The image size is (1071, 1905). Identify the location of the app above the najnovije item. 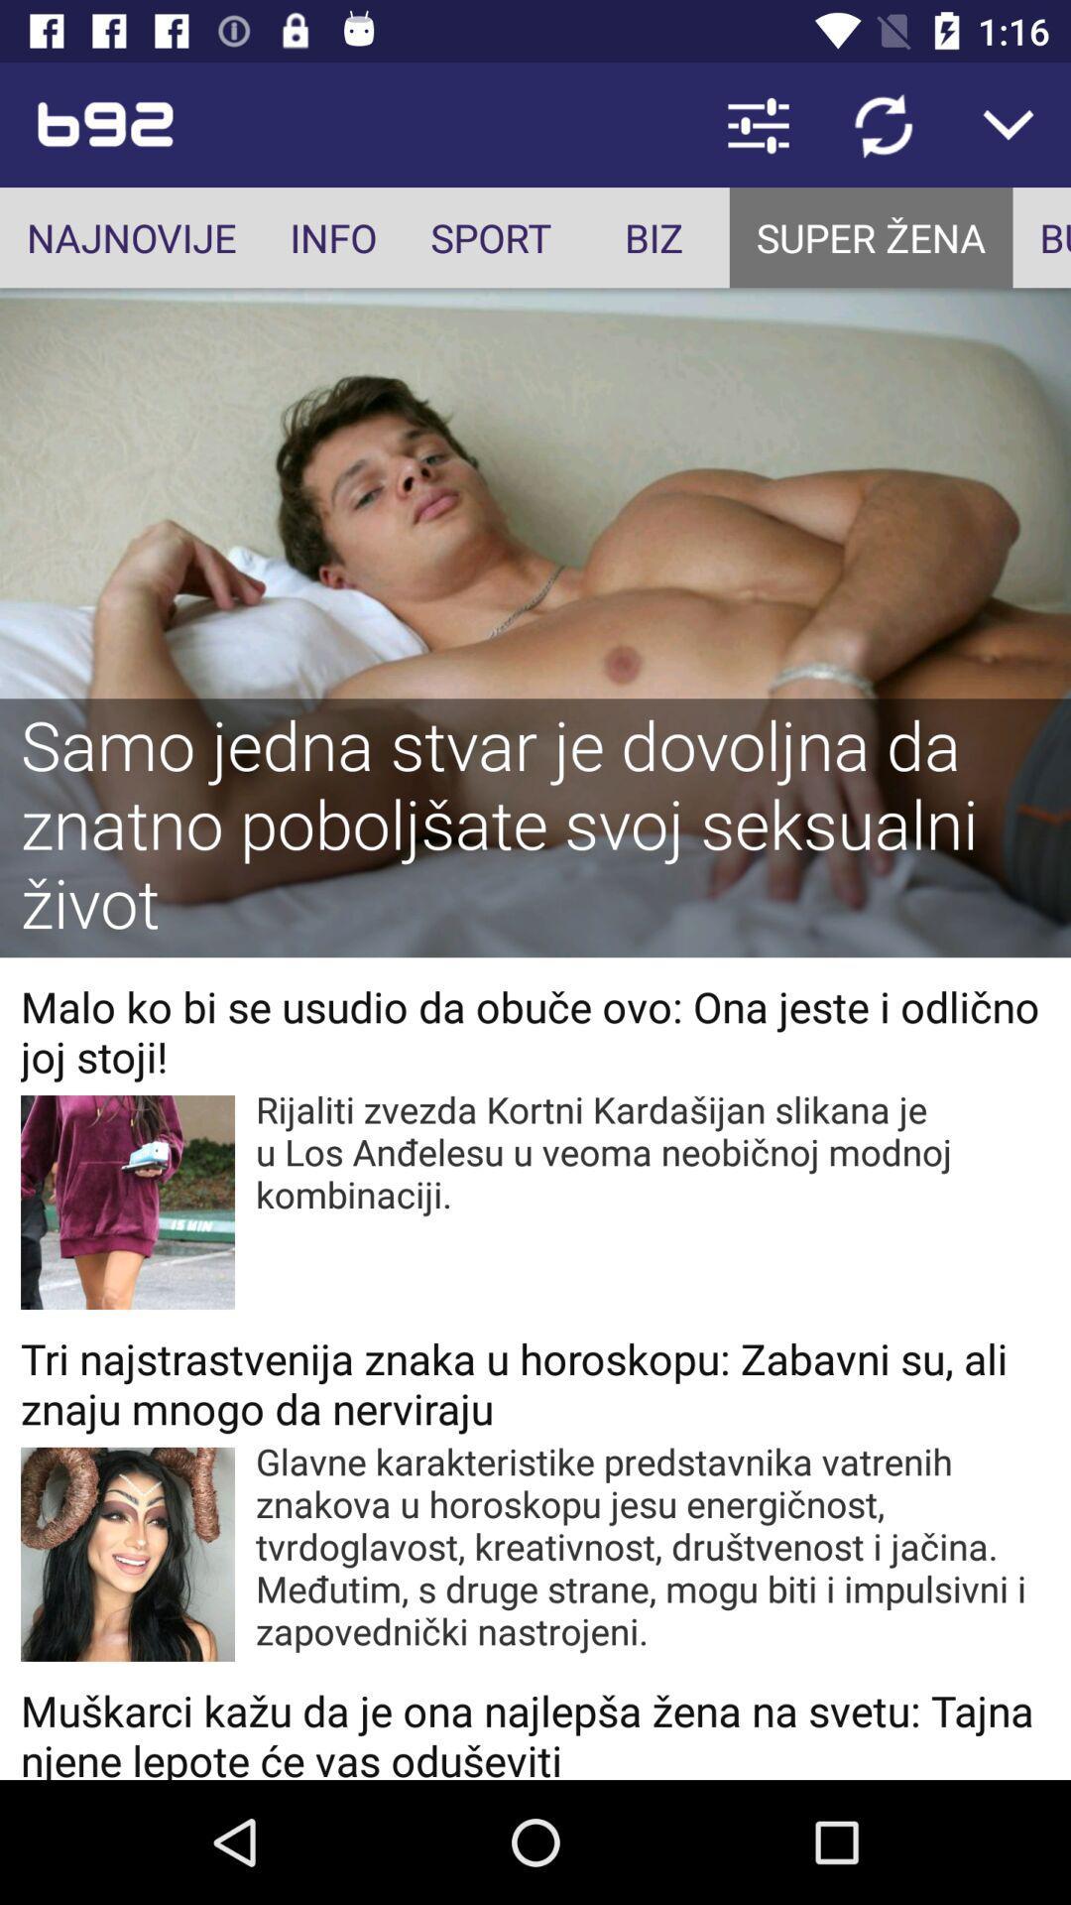
(212, 123).